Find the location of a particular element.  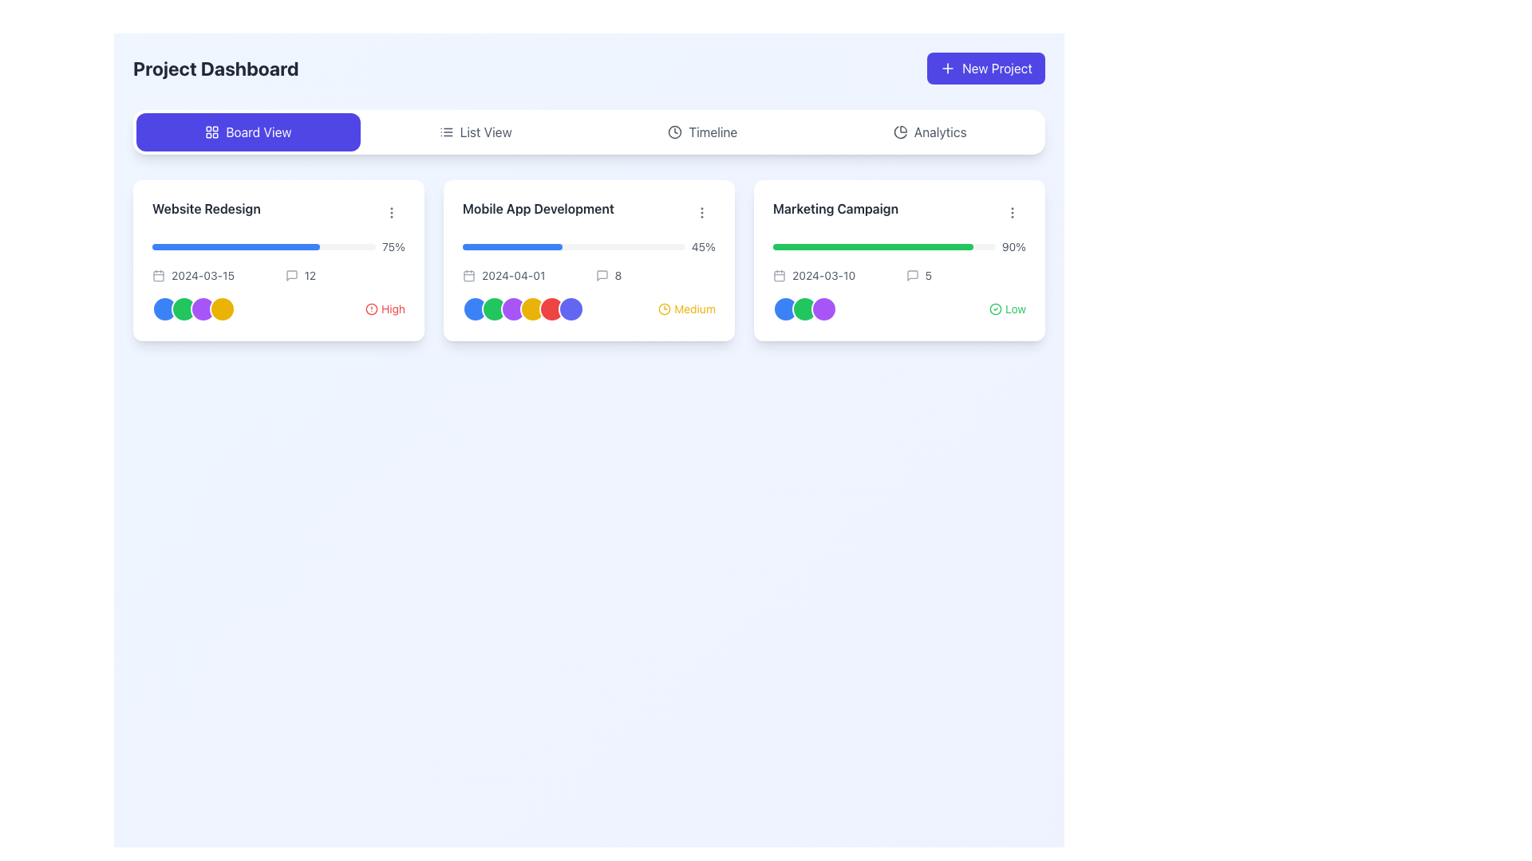

the Label displaying 'Low' in green color next to a green circular icon with a check mark, located under the progress bar in the rightmost card of the dashboard is located at coordinates (1006, 309).